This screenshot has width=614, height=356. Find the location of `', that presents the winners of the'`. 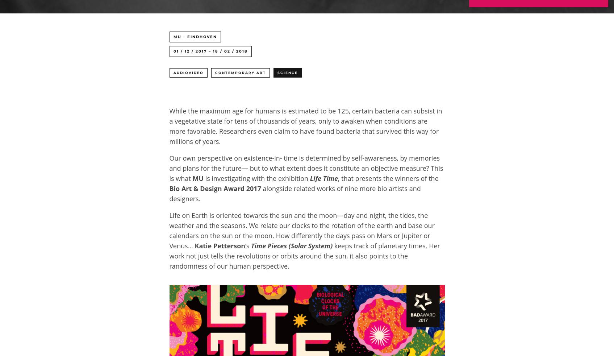

', that presents the winners of the' is located at coordinates (338, 178).